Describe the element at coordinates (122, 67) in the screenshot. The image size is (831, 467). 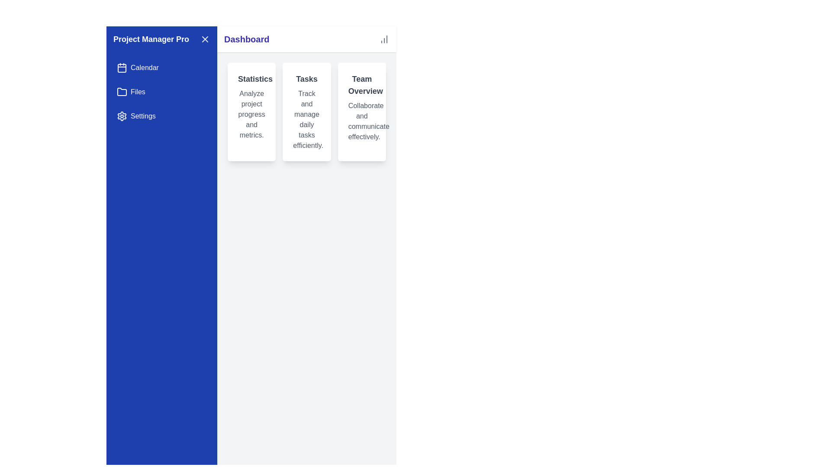
I see `the calendar icon in the sidebar navigation menu under 'Project Manager Pro'` at that location.